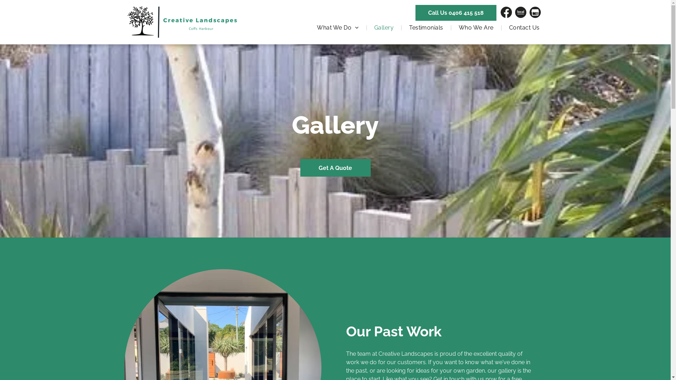 The image size is (676, 380). What do you see at coordinates (182, 21) in the screenshot?
I see `'Professional Landscapers in Coffs Harbour'` at bounding box center [182, 21].